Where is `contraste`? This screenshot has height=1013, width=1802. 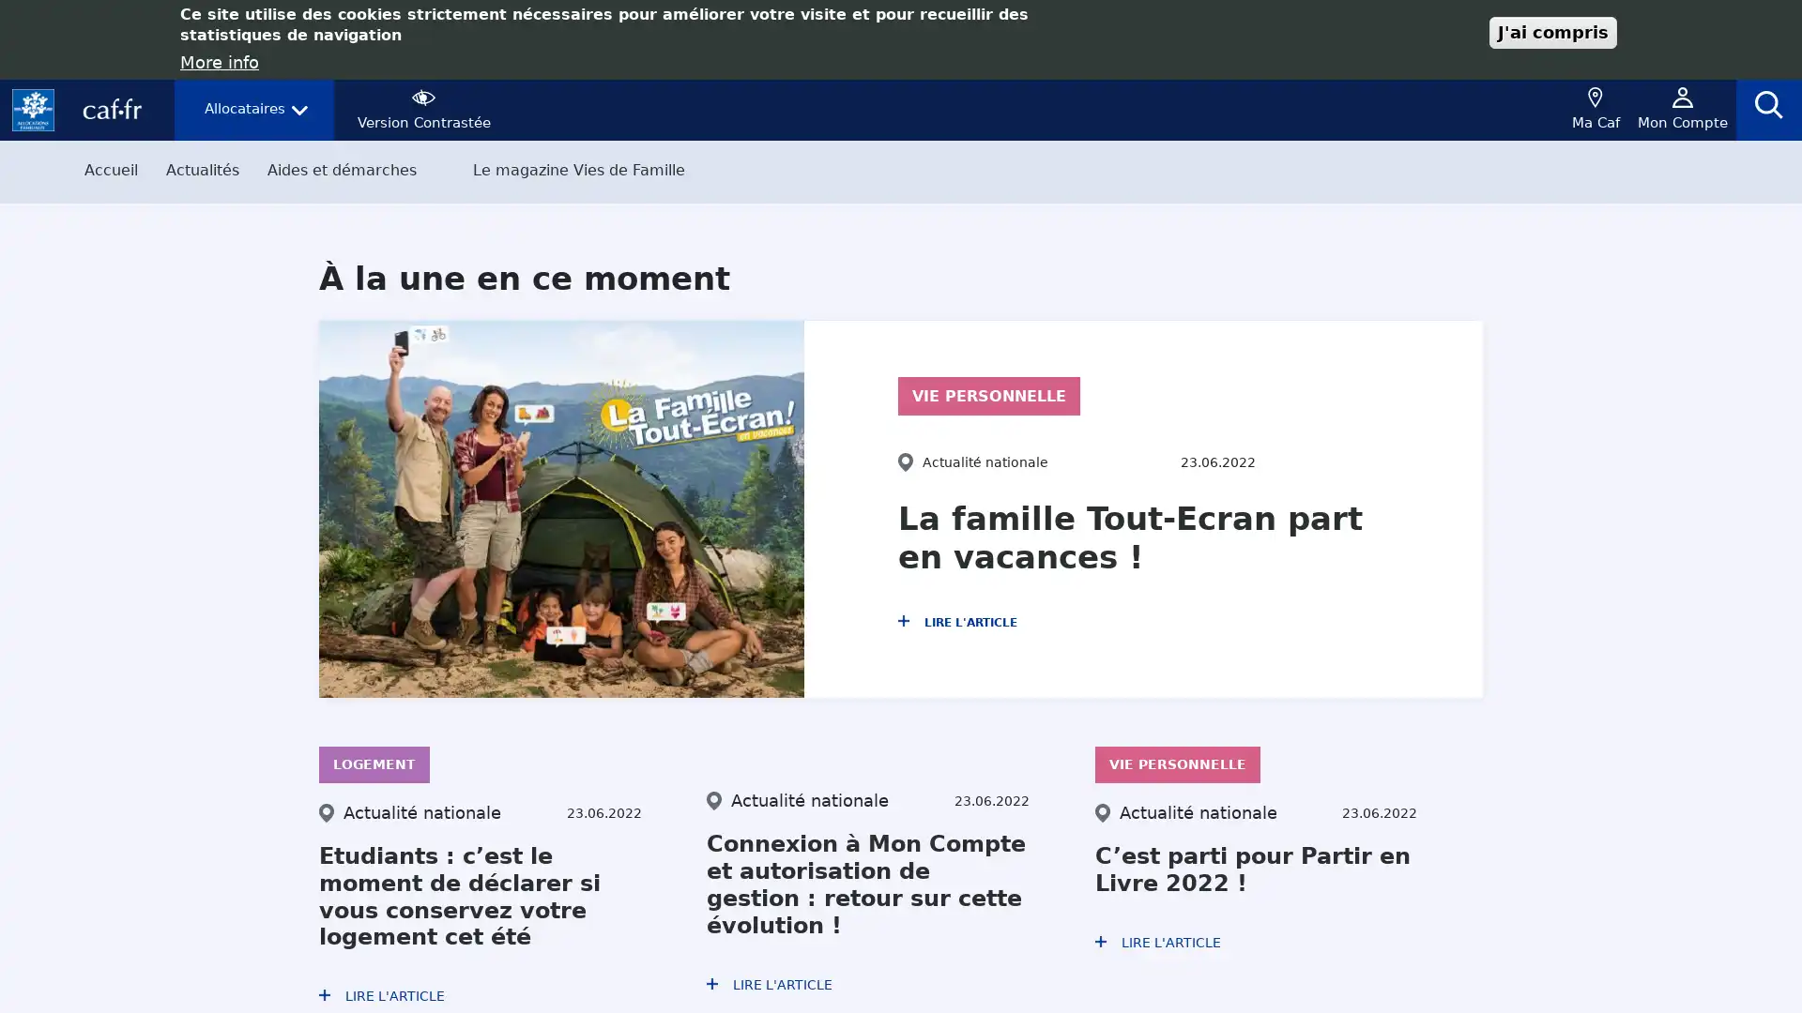 contraste is located at coordinates (422, 109).